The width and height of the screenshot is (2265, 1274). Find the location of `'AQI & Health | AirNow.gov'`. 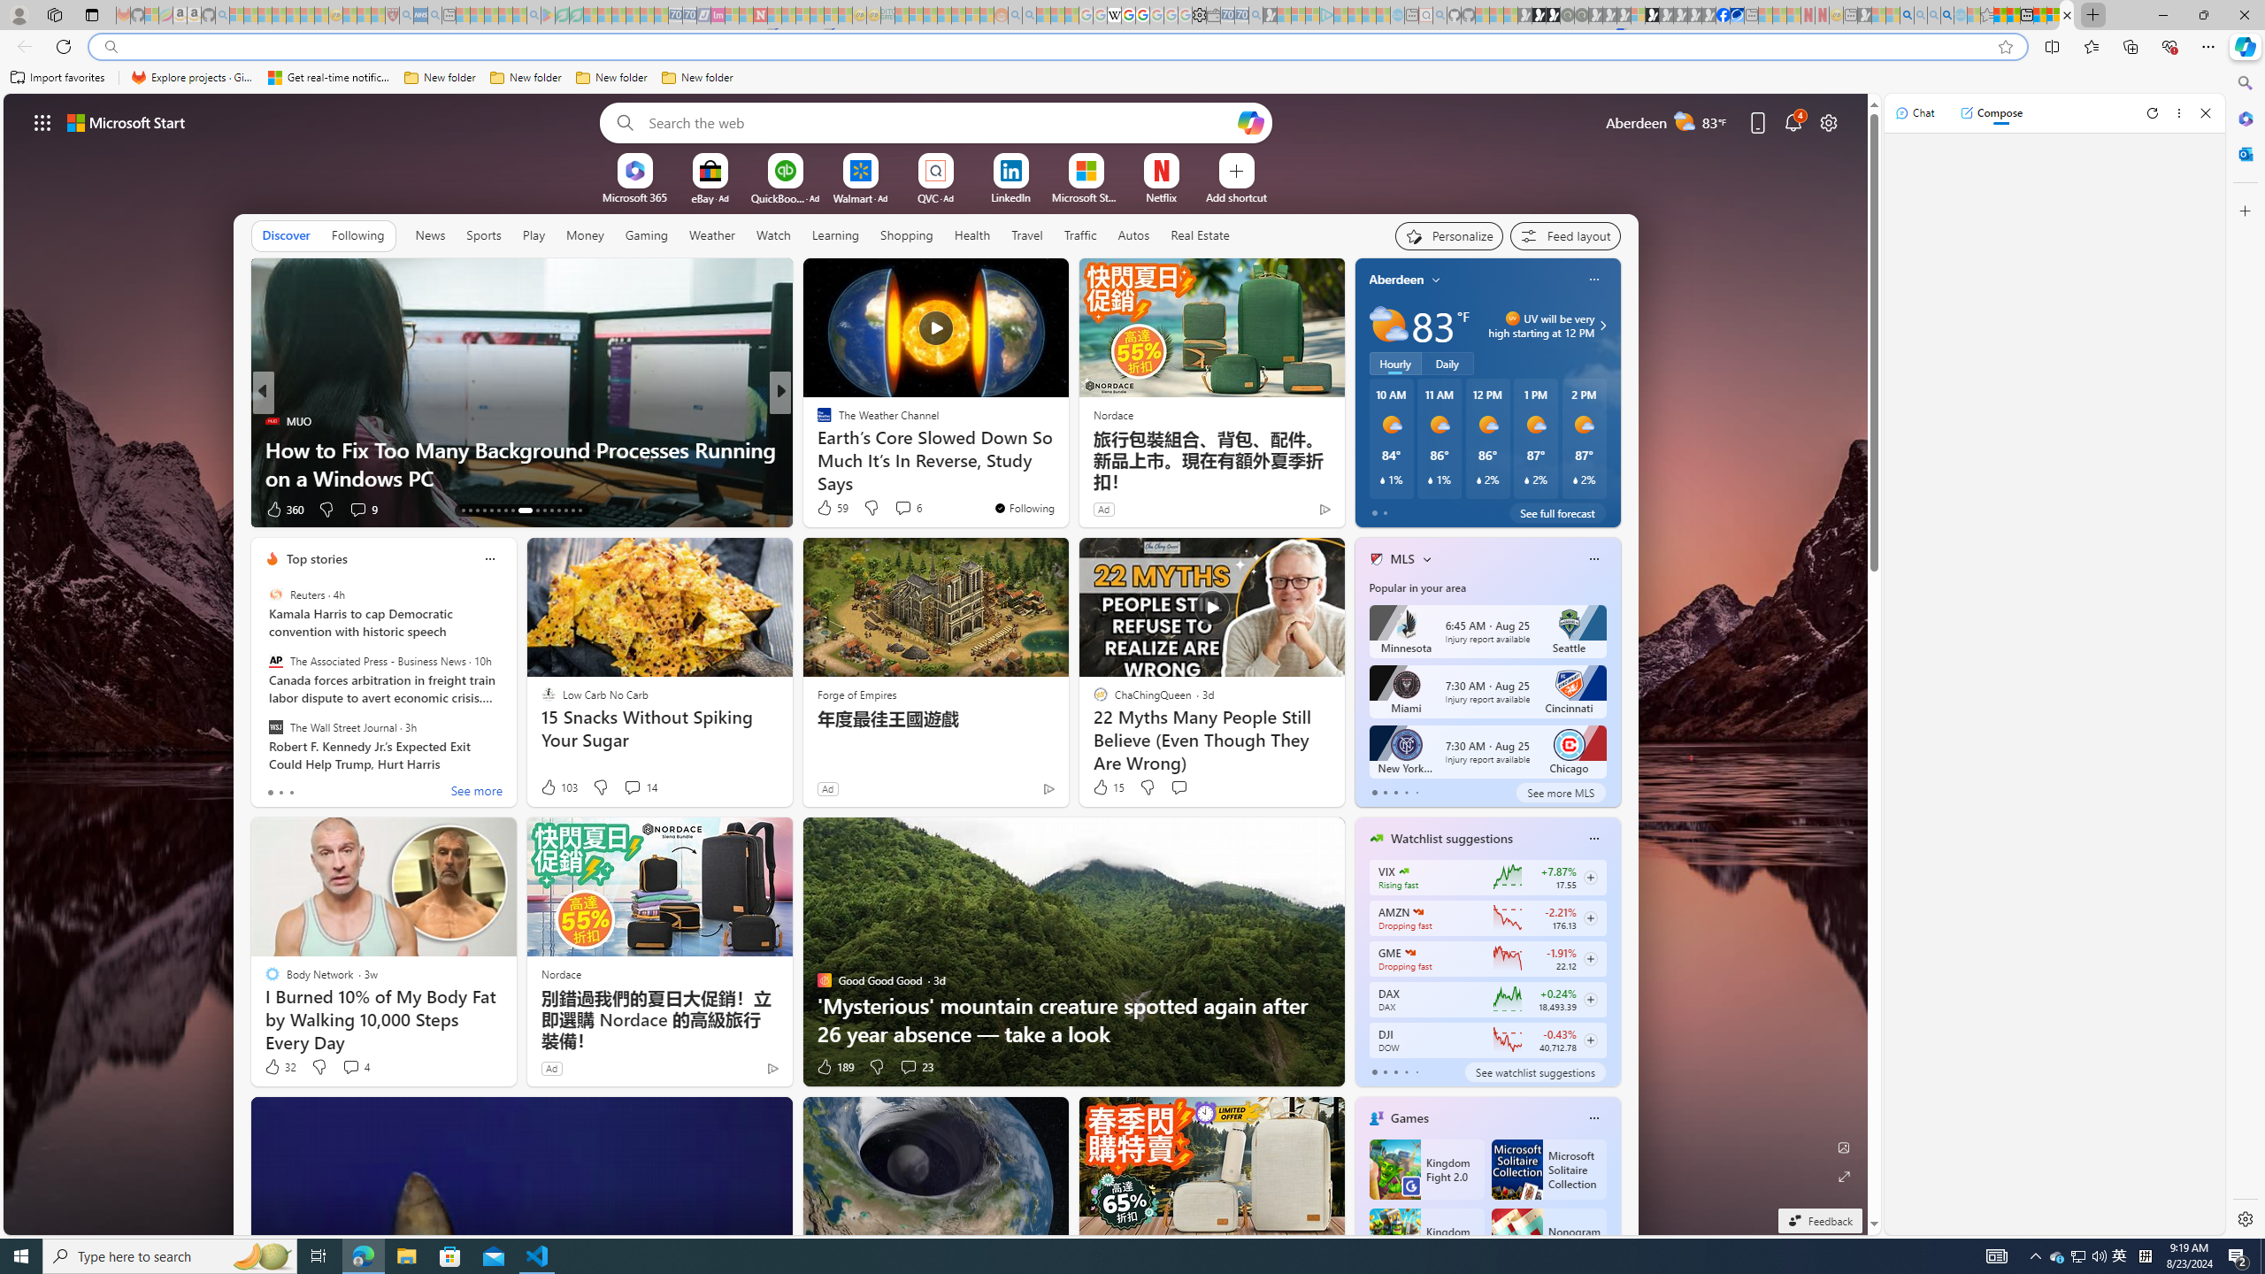

'AQI & Health | AirNow.gov' is located at coordinates (1736, 14).